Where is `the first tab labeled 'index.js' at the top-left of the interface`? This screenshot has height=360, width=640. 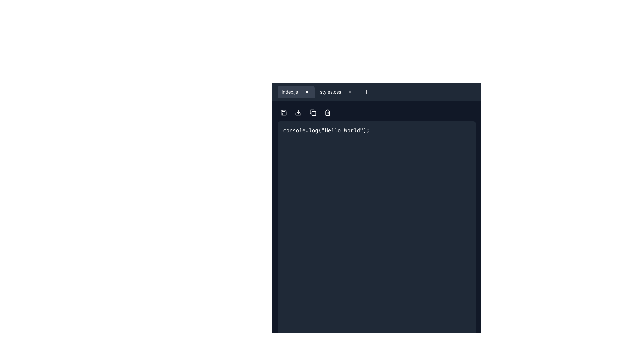 the first tab labeled 'index.js' at the top-left of the interface is located at coordinates (296, 92).